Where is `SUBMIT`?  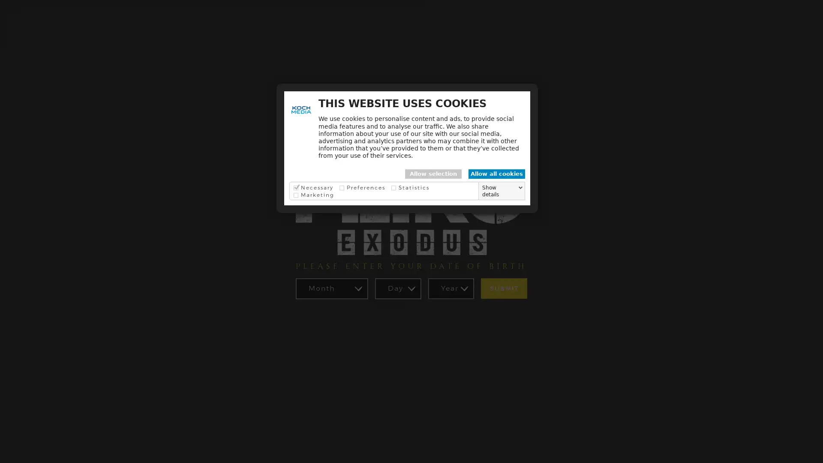
SUBMIT is located at coordinates (504, 288).